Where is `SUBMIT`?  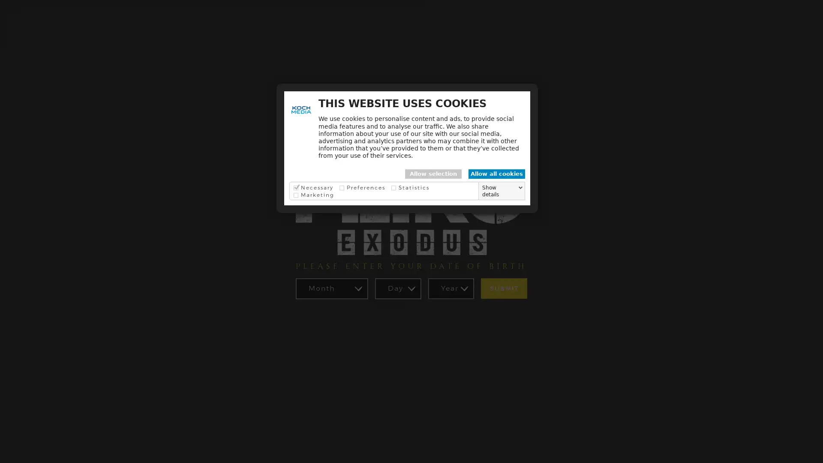
SUBMIT is located at coordinates (504, 288).